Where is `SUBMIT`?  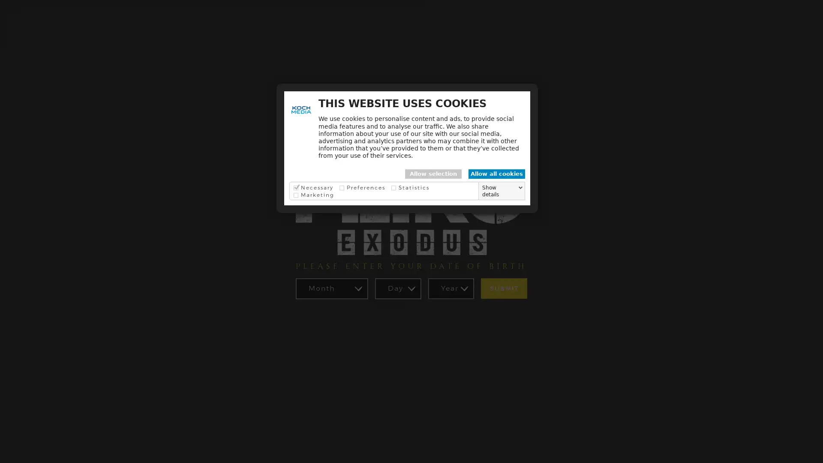
SUBMIT is located at coordinates (504, 288).